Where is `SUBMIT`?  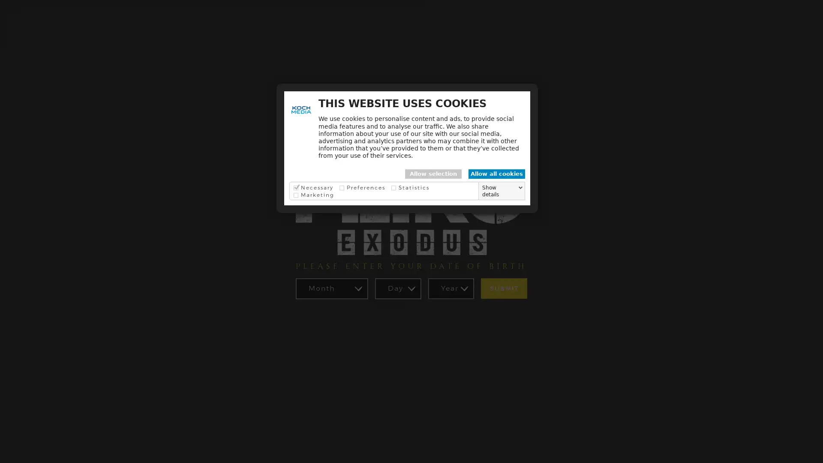
SUBMIT is located at coordinates (504, 288).